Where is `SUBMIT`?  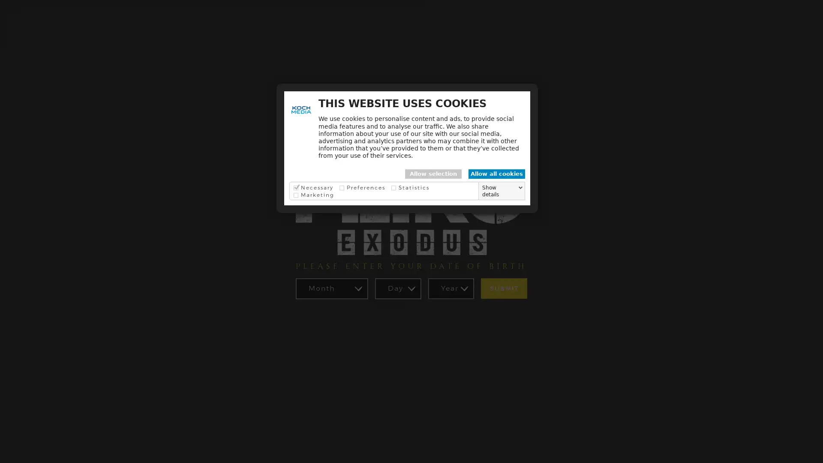
SUBMIT is located at coordinates (504, 288).